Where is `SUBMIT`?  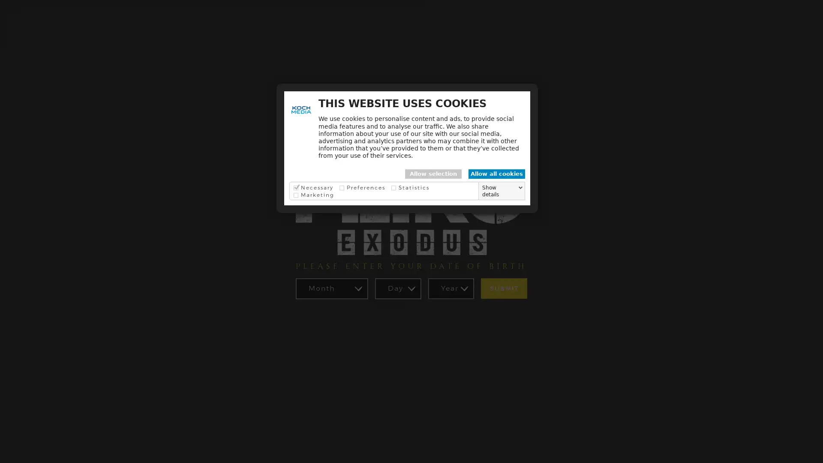
SUBMIT is located at coordinates (504, 288).